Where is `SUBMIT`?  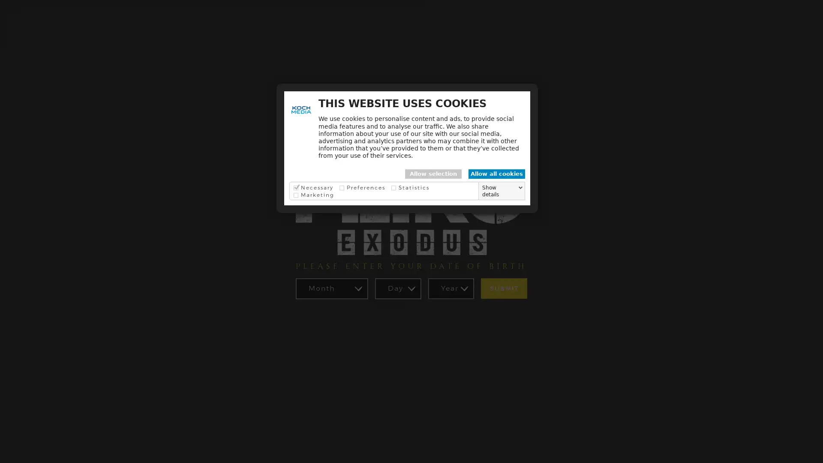
SUBMIT is located at coordinates (504, 288).